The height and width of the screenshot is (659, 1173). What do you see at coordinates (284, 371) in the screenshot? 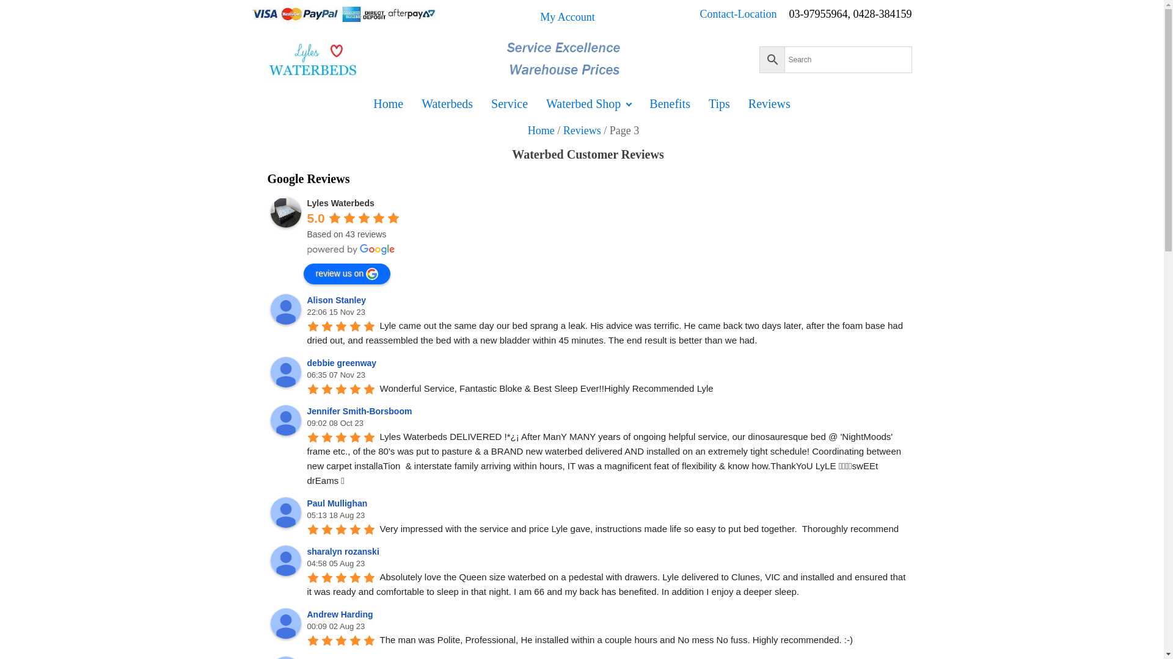
I see `'debbie greenway'` at bounding box center [284, 371].